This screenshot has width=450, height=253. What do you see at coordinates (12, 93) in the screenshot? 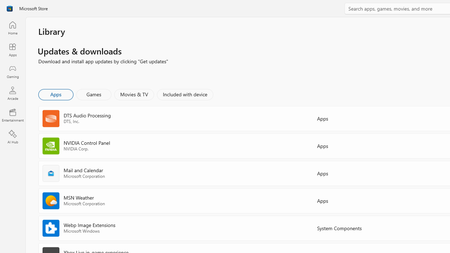
I see `'Arcade'` at bounding box center [12, 93].